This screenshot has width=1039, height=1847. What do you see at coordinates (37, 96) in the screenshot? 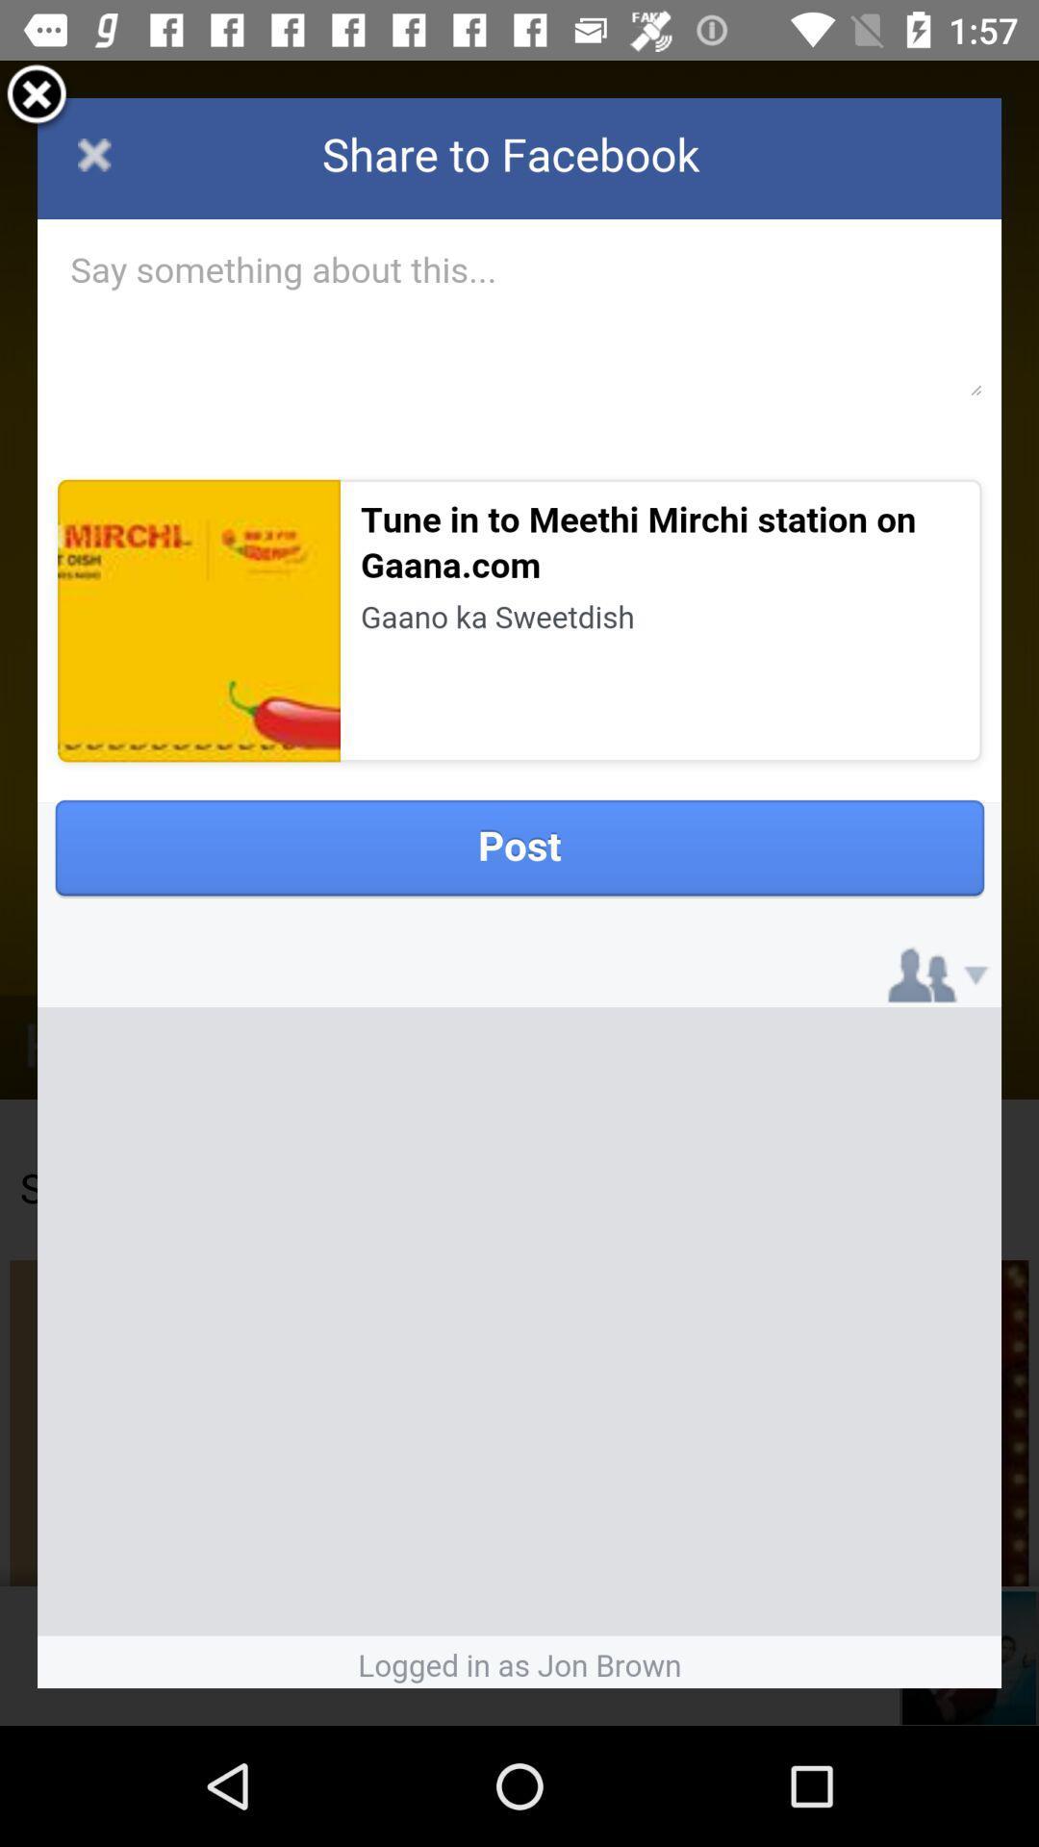
I see `exit` at bounding box center [37, 96].